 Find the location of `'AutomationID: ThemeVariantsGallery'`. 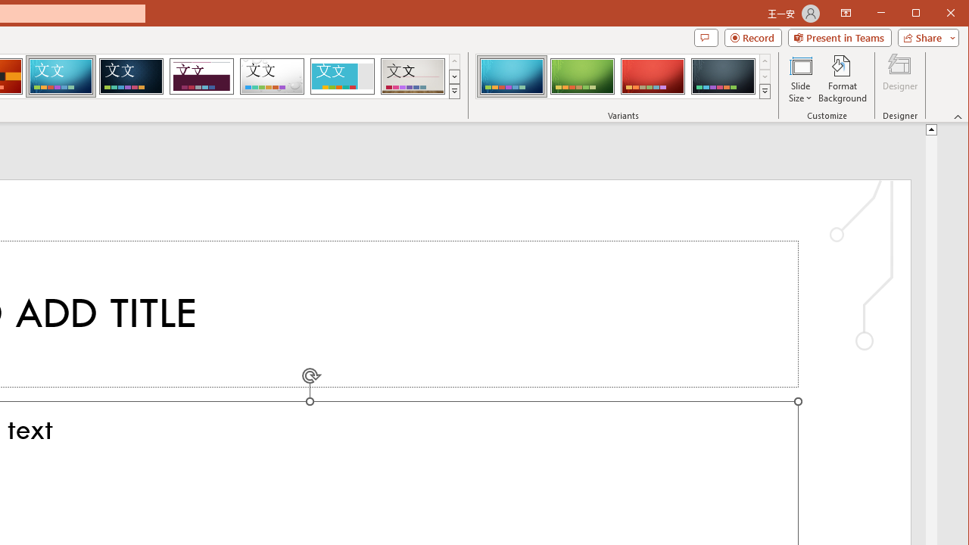

'AutomationID: ThemeVariantsGallery' is located at coordinates (624, 76).